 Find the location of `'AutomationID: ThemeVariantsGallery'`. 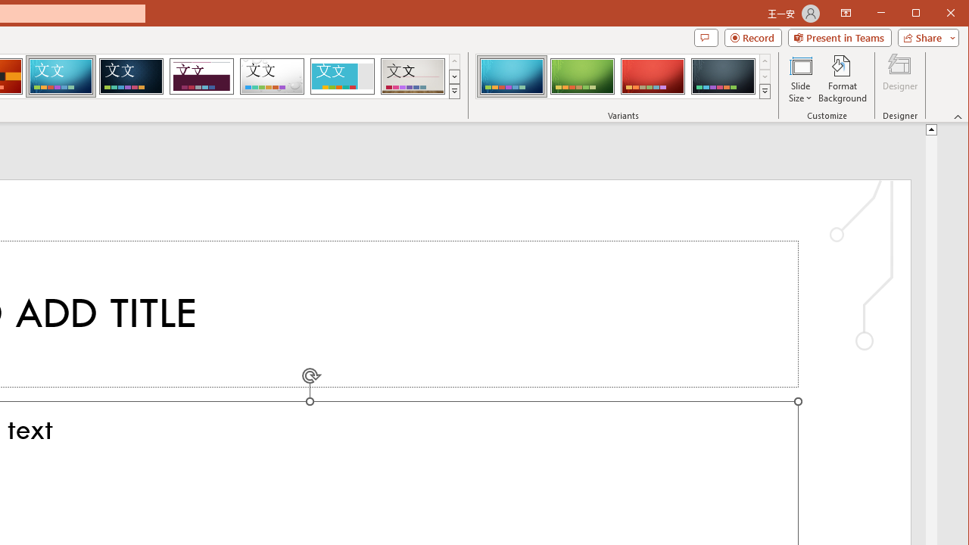

'AutomationID: ThemeVariantsGallery' is located at coordinates (624, 76).